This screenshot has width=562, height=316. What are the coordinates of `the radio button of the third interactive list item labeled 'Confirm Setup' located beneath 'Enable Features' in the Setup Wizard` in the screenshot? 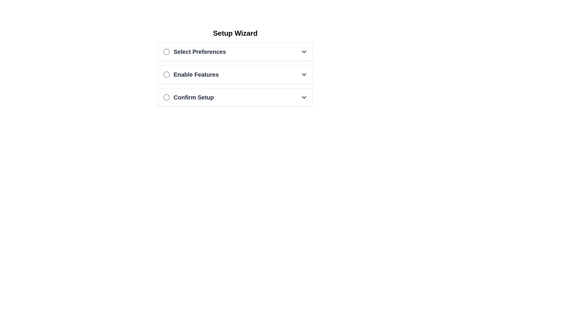 It's located at (235, 97).